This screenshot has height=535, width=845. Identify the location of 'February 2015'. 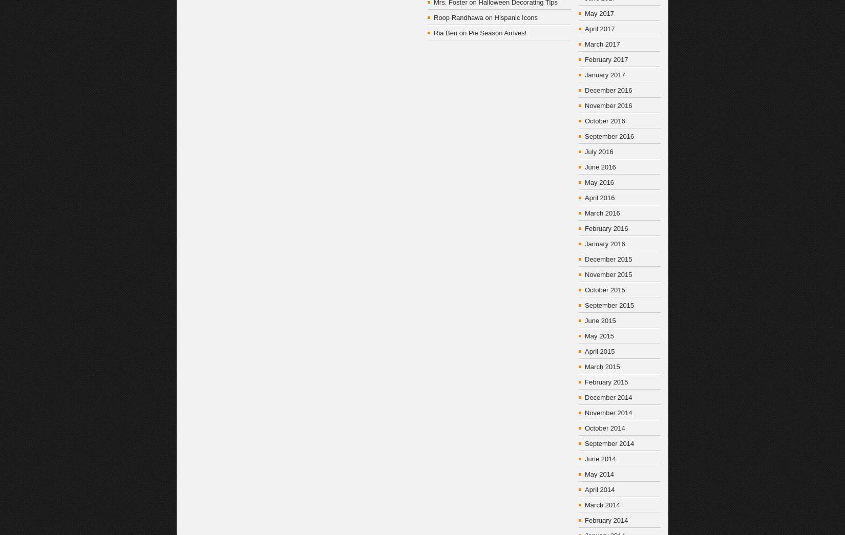
(606, 381).